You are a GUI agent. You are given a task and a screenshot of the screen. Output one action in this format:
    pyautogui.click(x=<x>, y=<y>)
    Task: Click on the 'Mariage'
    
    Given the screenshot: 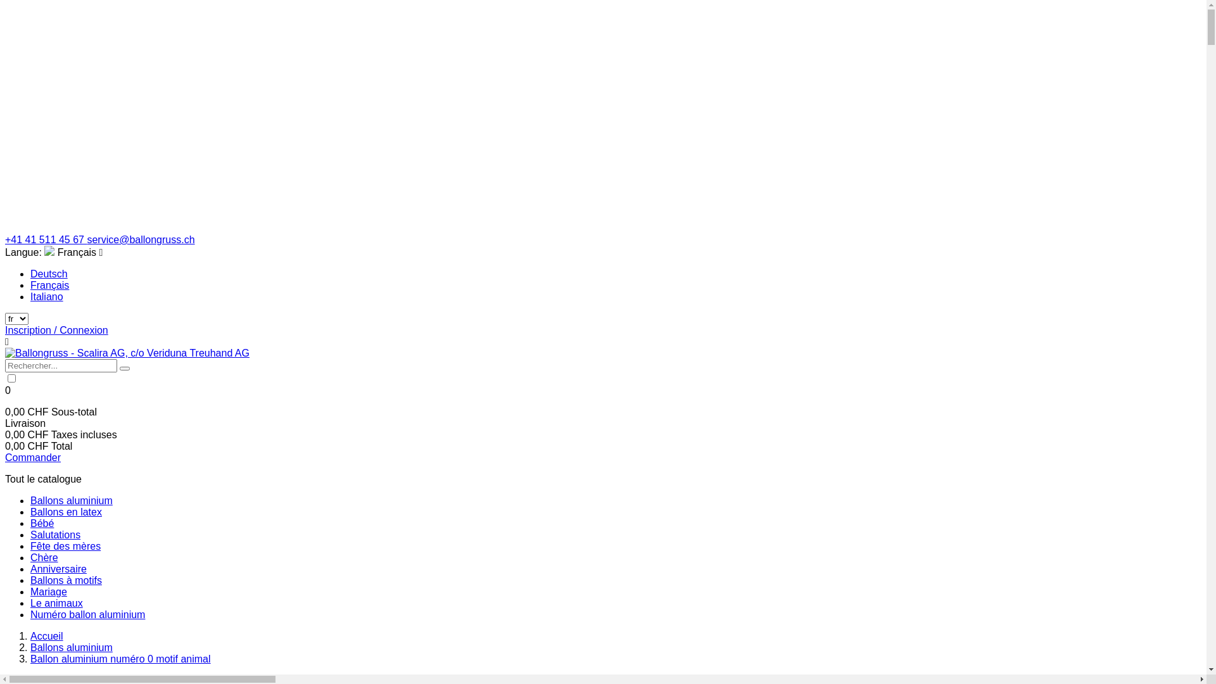 What is the action you would take?
    pyautogui.click(x=48, y=592)
    